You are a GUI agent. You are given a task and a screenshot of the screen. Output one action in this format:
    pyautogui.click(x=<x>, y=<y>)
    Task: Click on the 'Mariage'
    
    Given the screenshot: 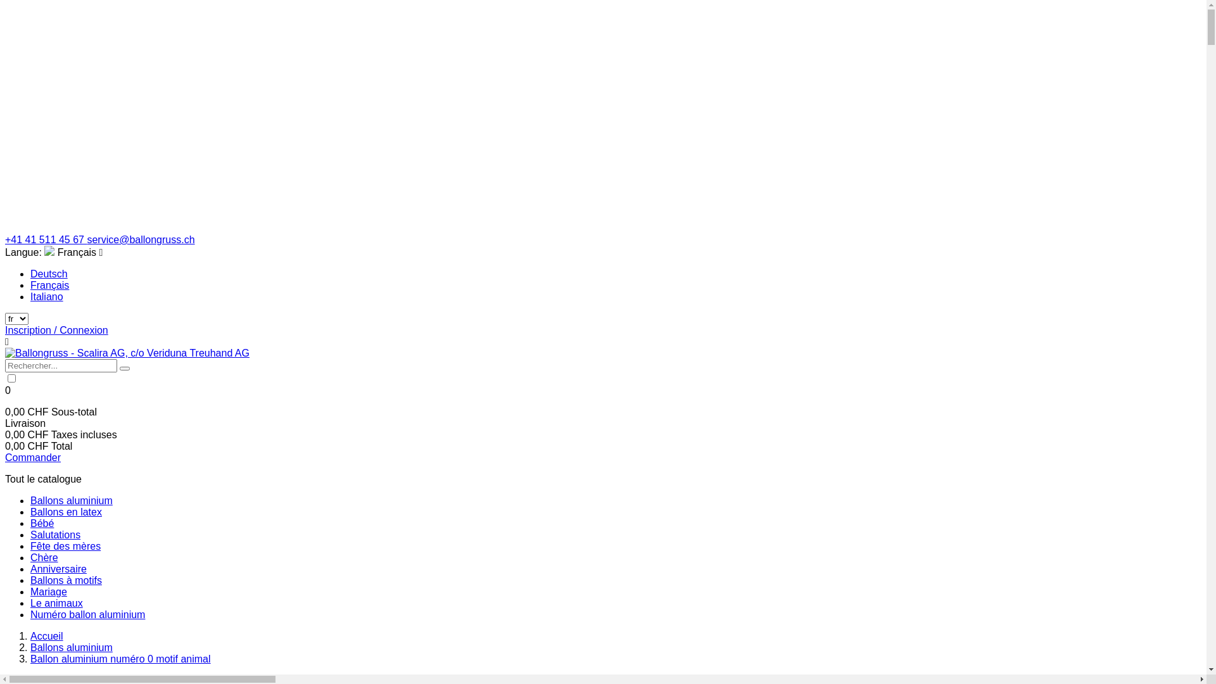 What is the action you would take?
    pyautogui.click(x=48, y=592)
    